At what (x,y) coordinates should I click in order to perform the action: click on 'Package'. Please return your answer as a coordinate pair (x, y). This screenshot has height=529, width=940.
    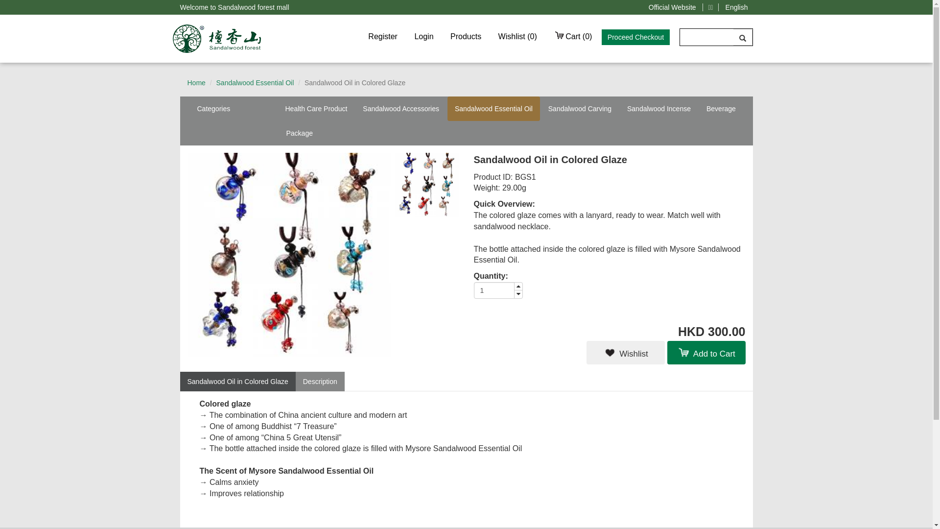
    Looking at the image, I should click on (299, 133).